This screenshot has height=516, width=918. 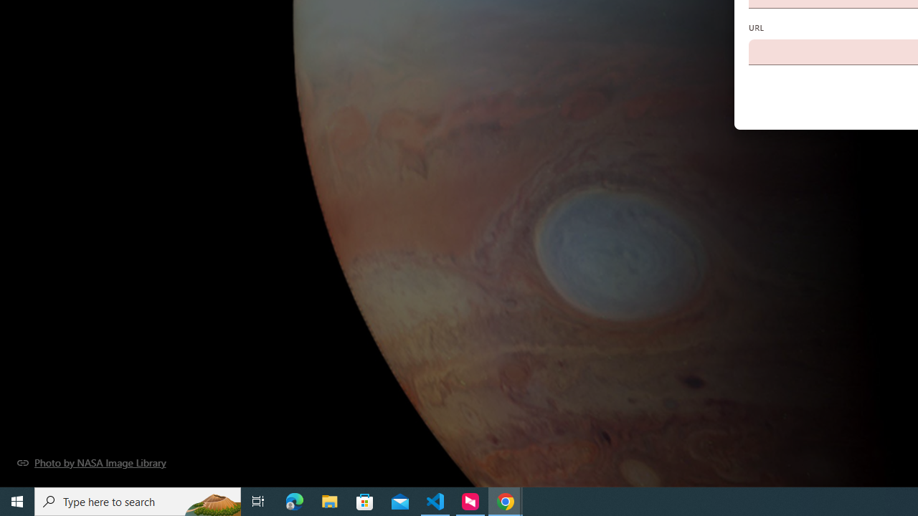 What do you see at coordinates (329, 500) in the screenshot?
I see `'File Explorer'` at bounding box center [329, 500].